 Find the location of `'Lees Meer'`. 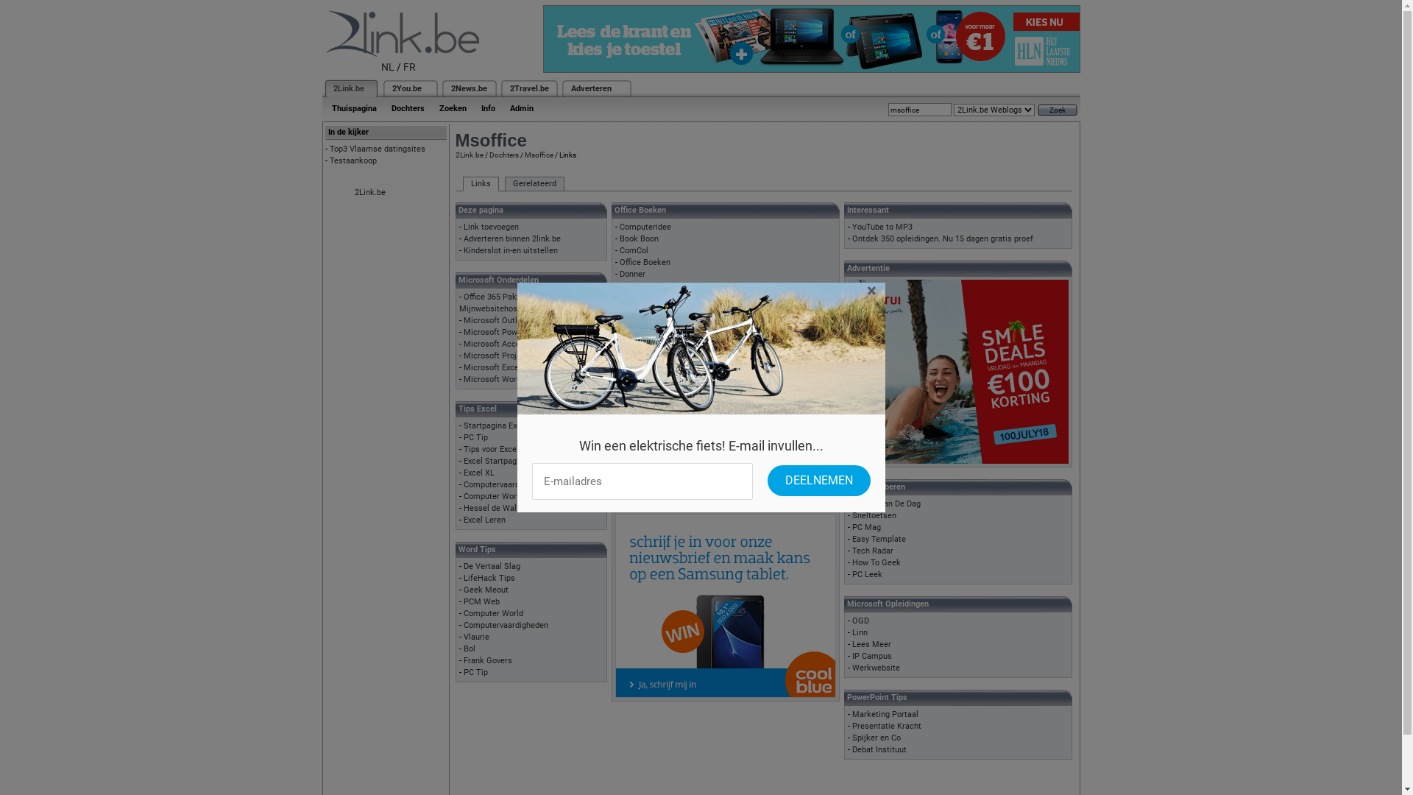

'Lees Meer' is located at coordinates (851, 643).